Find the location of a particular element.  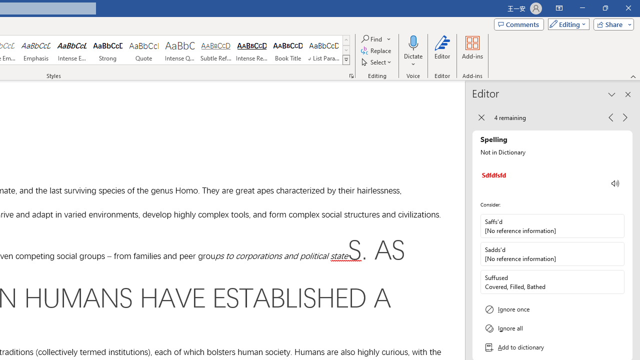

'Previous Issue, 4 remaining' is located at coordinates (610, 116).